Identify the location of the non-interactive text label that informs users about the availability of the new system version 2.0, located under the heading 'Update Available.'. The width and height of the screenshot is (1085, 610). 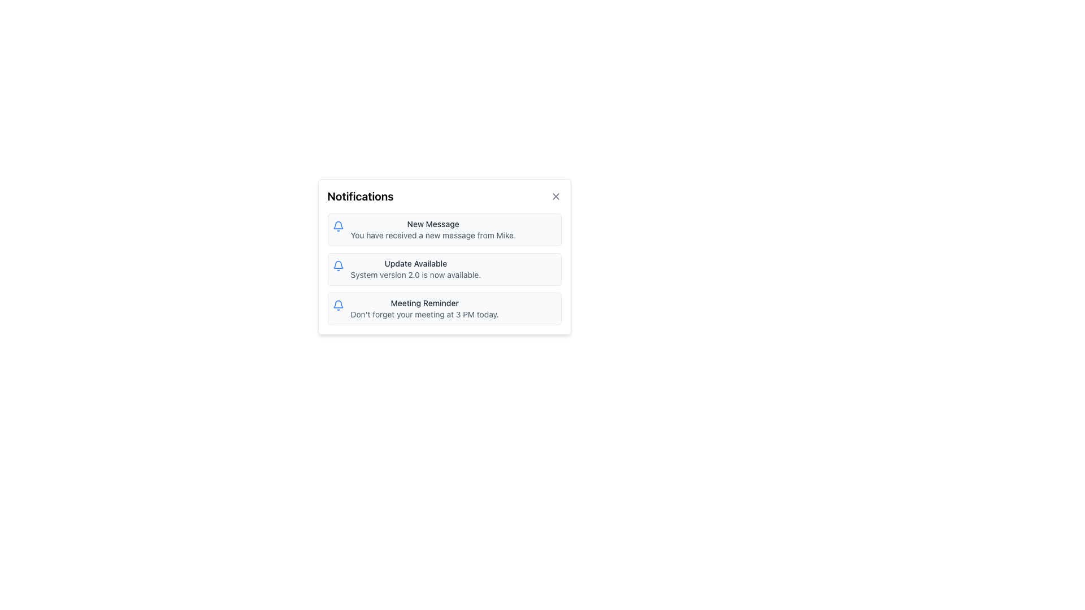
(415, 274).